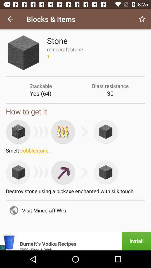  I want to click on icon next to blocks & items, so click(142, 19).